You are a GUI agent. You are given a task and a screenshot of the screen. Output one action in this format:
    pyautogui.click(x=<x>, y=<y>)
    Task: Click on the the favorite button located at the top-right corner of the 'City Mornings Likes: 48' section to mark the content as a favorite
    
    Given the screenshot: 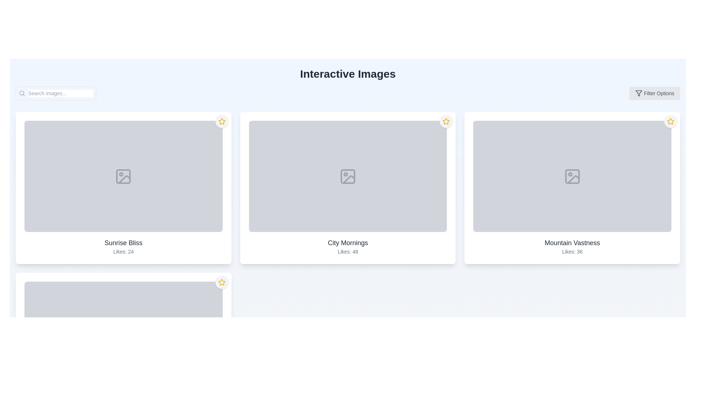 What is the action you would take?
    pyautogui.click(x=446, y=121)
    